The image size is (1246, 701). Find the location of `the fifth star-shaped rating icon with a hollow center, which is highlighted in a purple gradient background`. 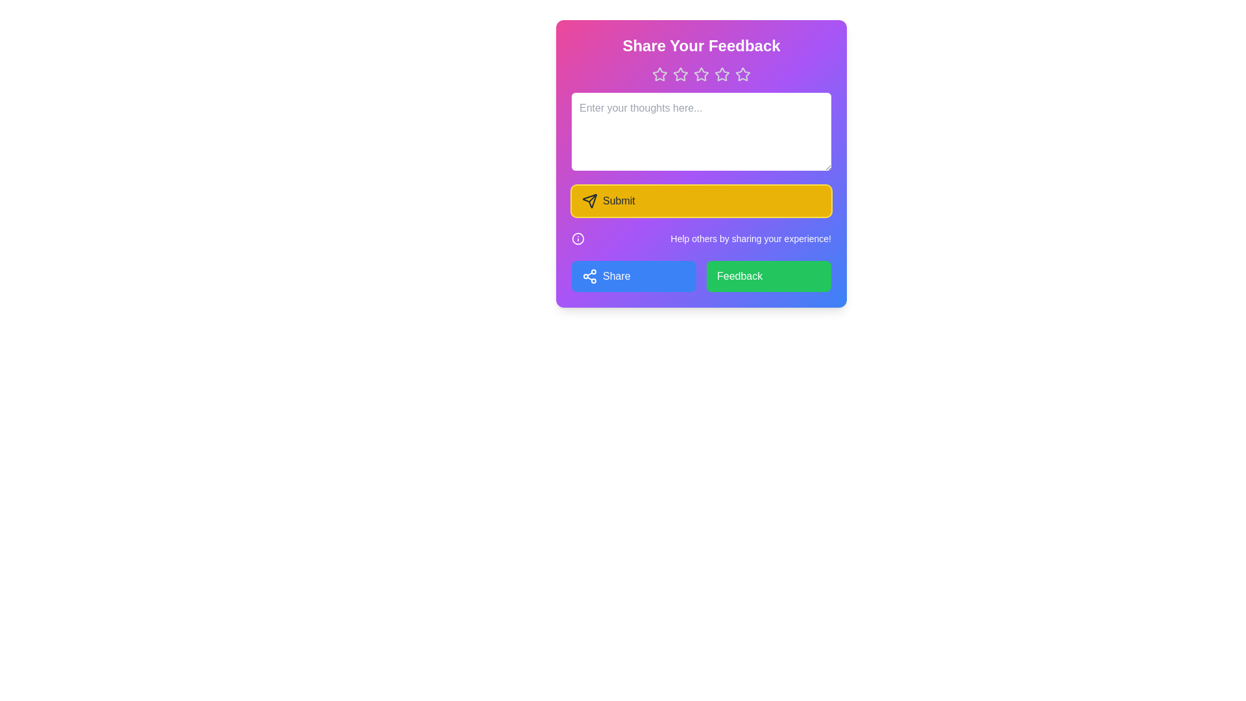

the fifth star-shaped rating icon with a hollow center, which is highlighted in a purple gradient background is located at coordinates (743, 74).